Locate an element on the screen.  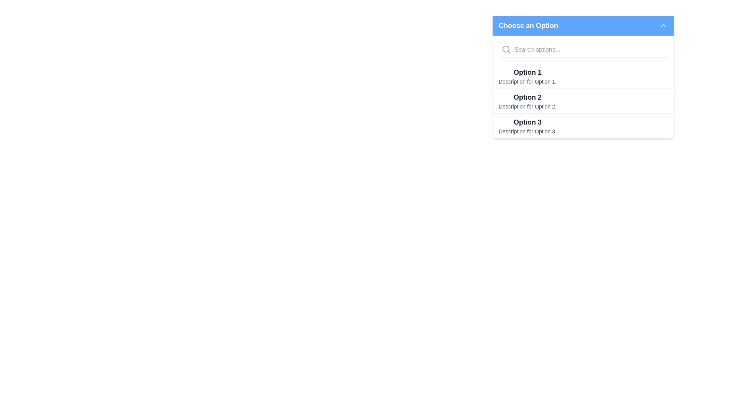
the second list item in the dropdown labeled 'Option 2' is located at coordinates (527, 100).